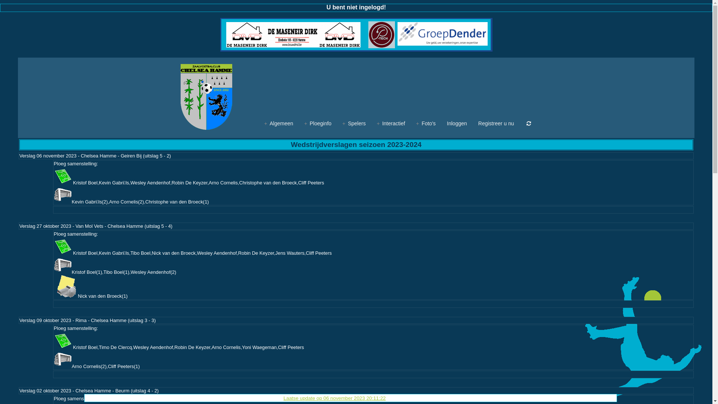 The height and width of the screenshot is (404, 718). I want to click on 'Algemeen', so click(264, 123).